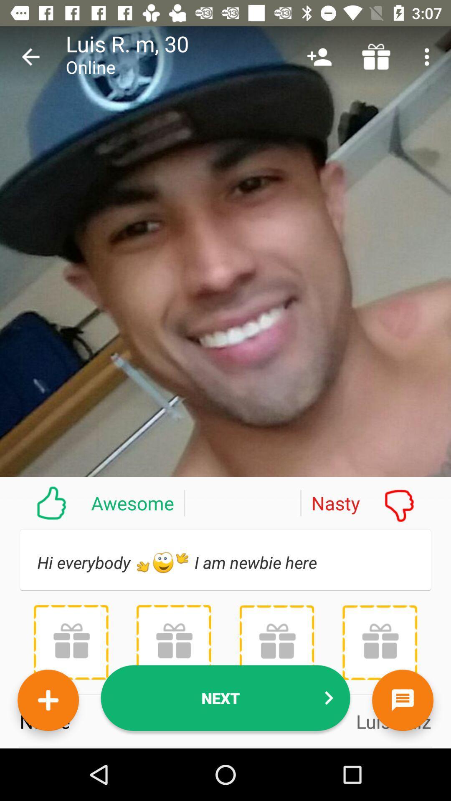 This screenshot has height=801, width=451. I want to click on icon to the right of  m, 30 item, so click(319, 56).